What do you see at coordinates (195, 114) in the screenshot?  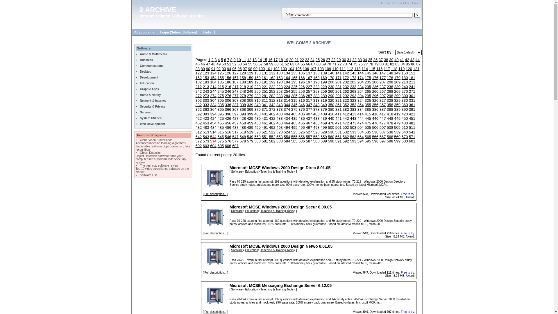 I see `'392'` at bounding box center [195, 114].